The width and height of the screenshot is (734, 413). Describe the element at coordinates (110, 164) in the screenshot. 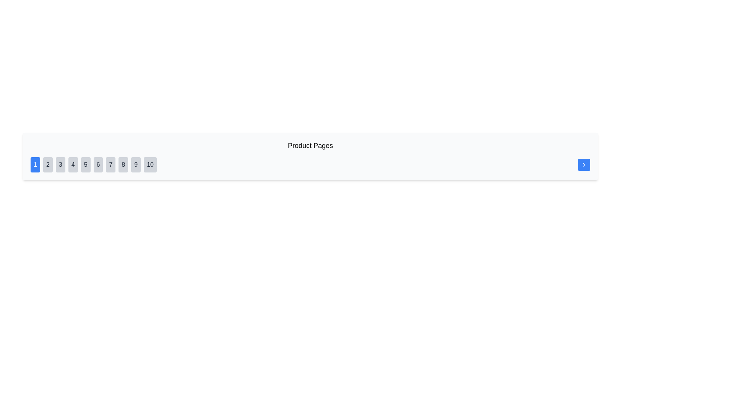

I see `the button labeled '7', which is the seventh button in a sequence of ten horizontally aligned buttons` at that location.